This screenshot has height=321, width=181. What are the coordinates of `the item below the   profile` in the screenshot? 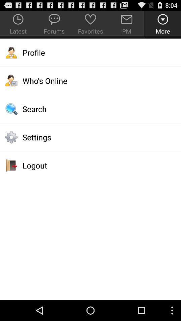 It's located at (90, 80).